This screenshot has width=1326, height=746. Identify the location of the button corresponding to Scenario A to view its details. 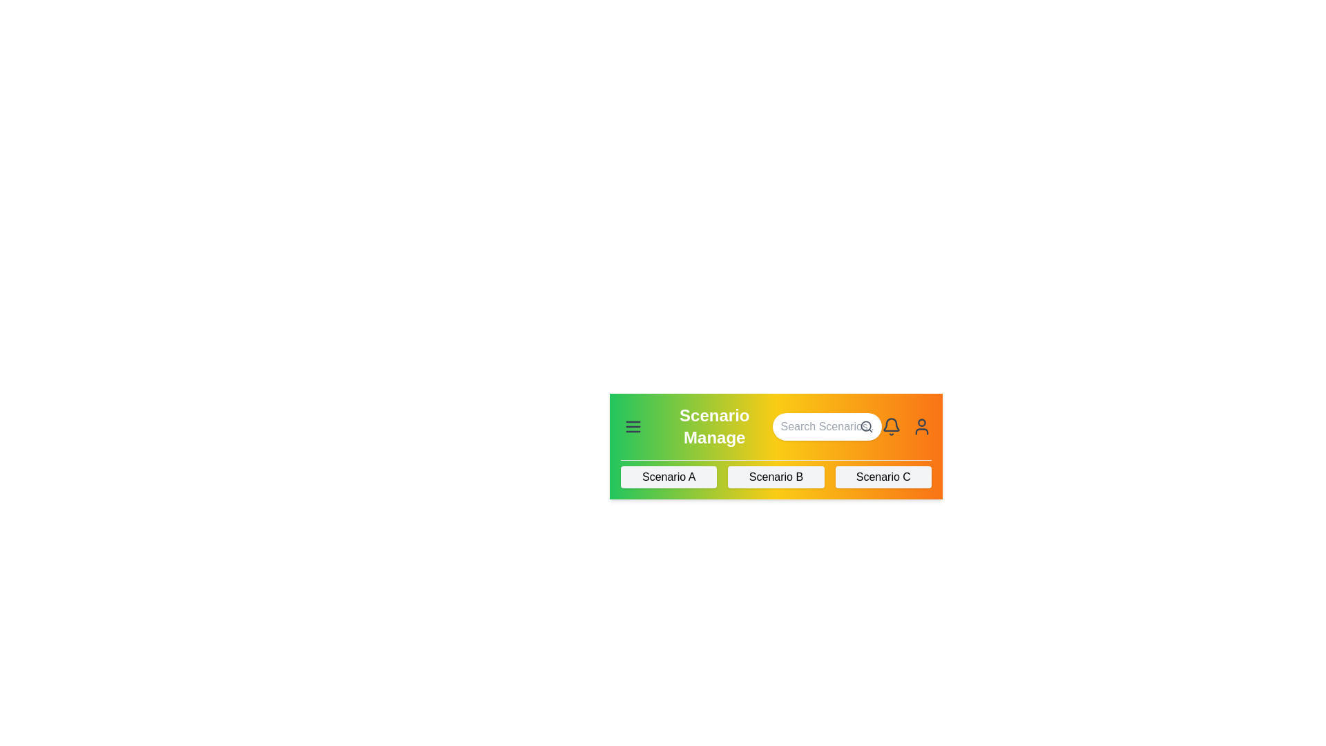
(669, 476).